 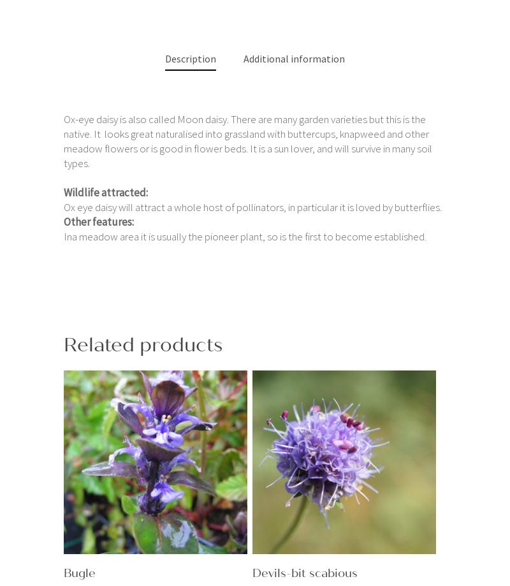 What do you see at coordinates (78, 571) in the screenshot?
I see `'Bugle'` at bounding box center [78, 571].